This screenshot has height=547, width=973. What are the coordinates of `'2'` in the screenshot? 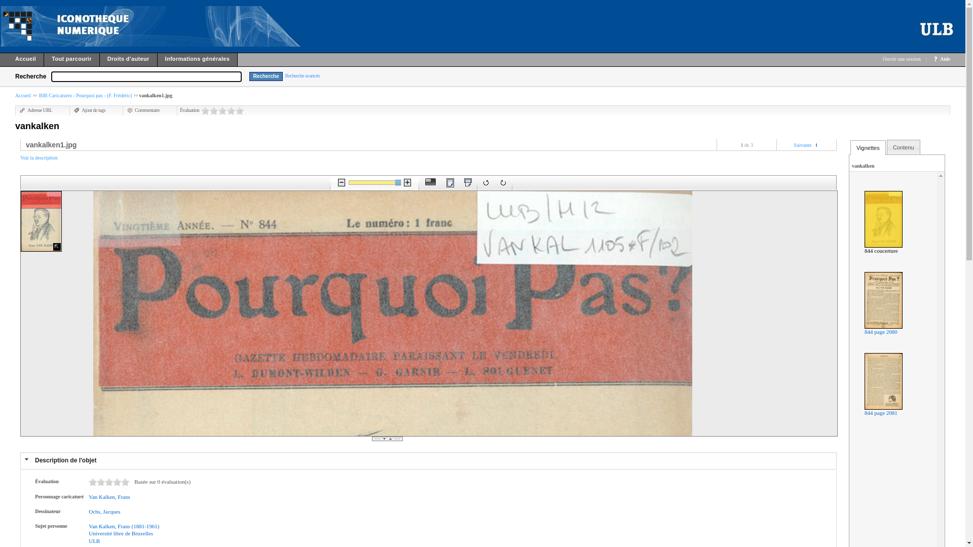 It's located at (213, 110).